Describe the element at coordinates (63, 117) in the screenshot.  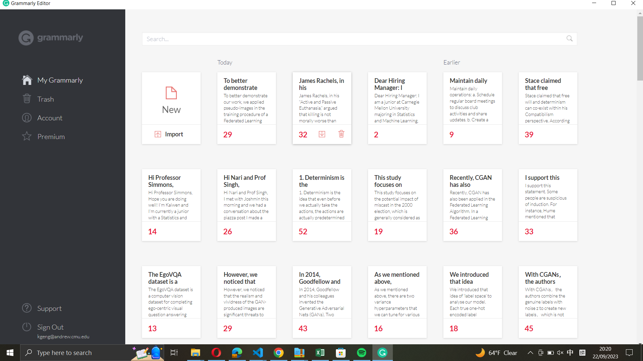
I see `Inspect the account details` at that location.